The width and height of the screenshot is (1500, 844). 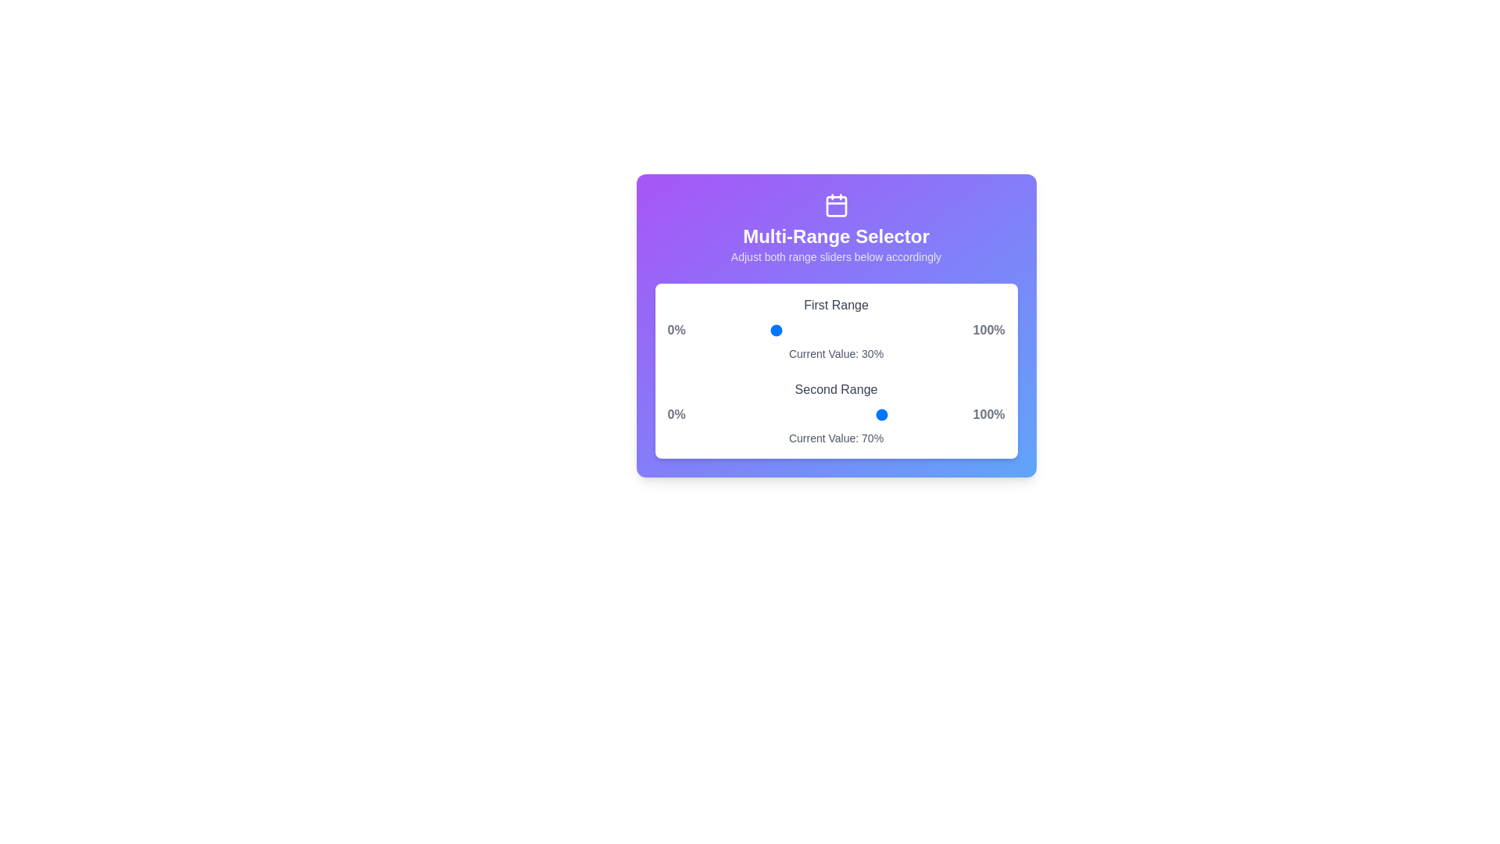 I want to click on the second slider range, so click(x=787, y=414).